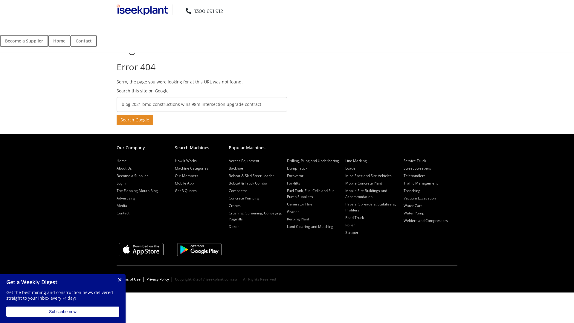  Describe the element at coordinates (417, 168) in the screenshot. I see `'Street Sweepers'` at that location.